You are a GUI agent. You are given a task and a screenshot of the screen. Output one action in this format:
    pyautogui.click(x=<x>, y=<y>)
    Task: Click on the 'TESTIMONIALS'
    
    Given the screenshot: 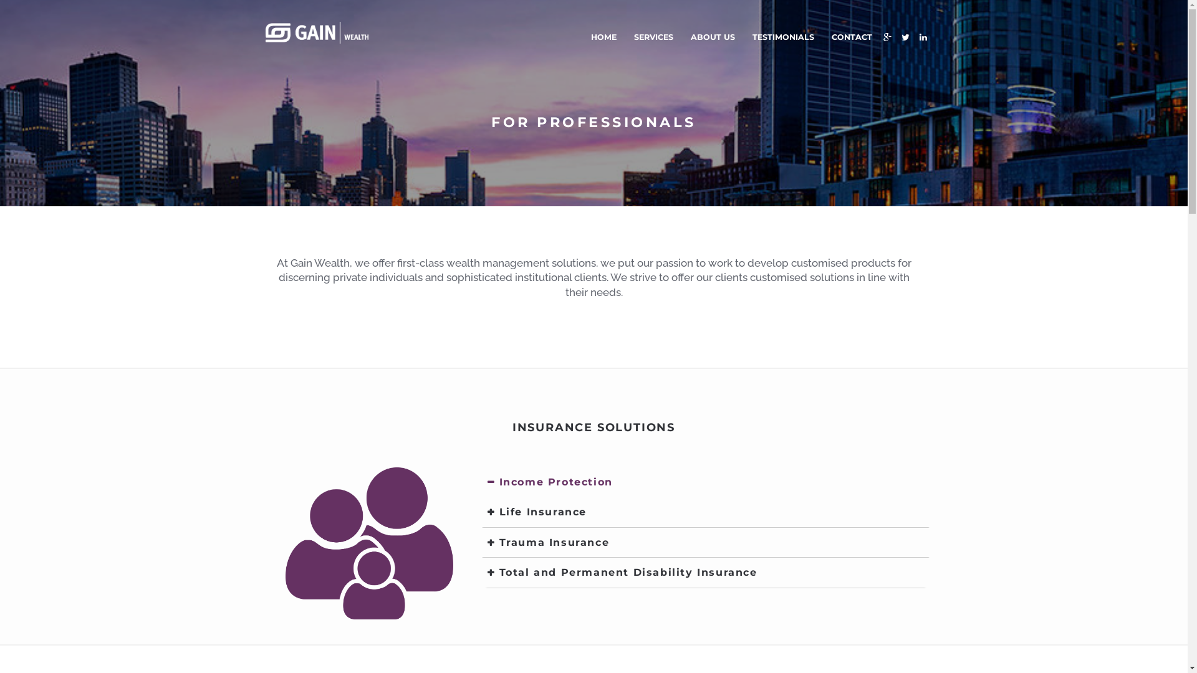 What is the action you would take?
    pyautogui.click(x=744, y=37)
    